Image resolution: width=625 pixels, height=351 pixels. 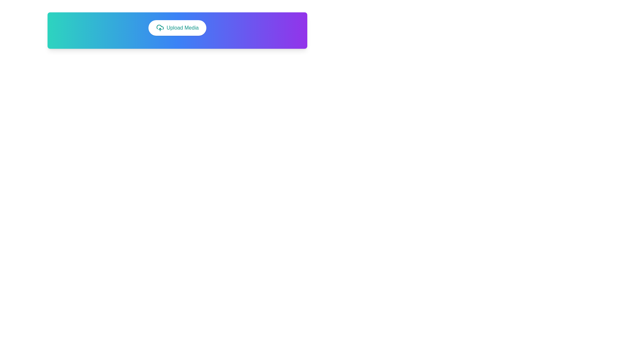 What do you see at coordinates (177, 27) in the screenshot?
I see `the rounded button with a white background and teal text reading 'Upload Media'` at bounding box center [177, 27].